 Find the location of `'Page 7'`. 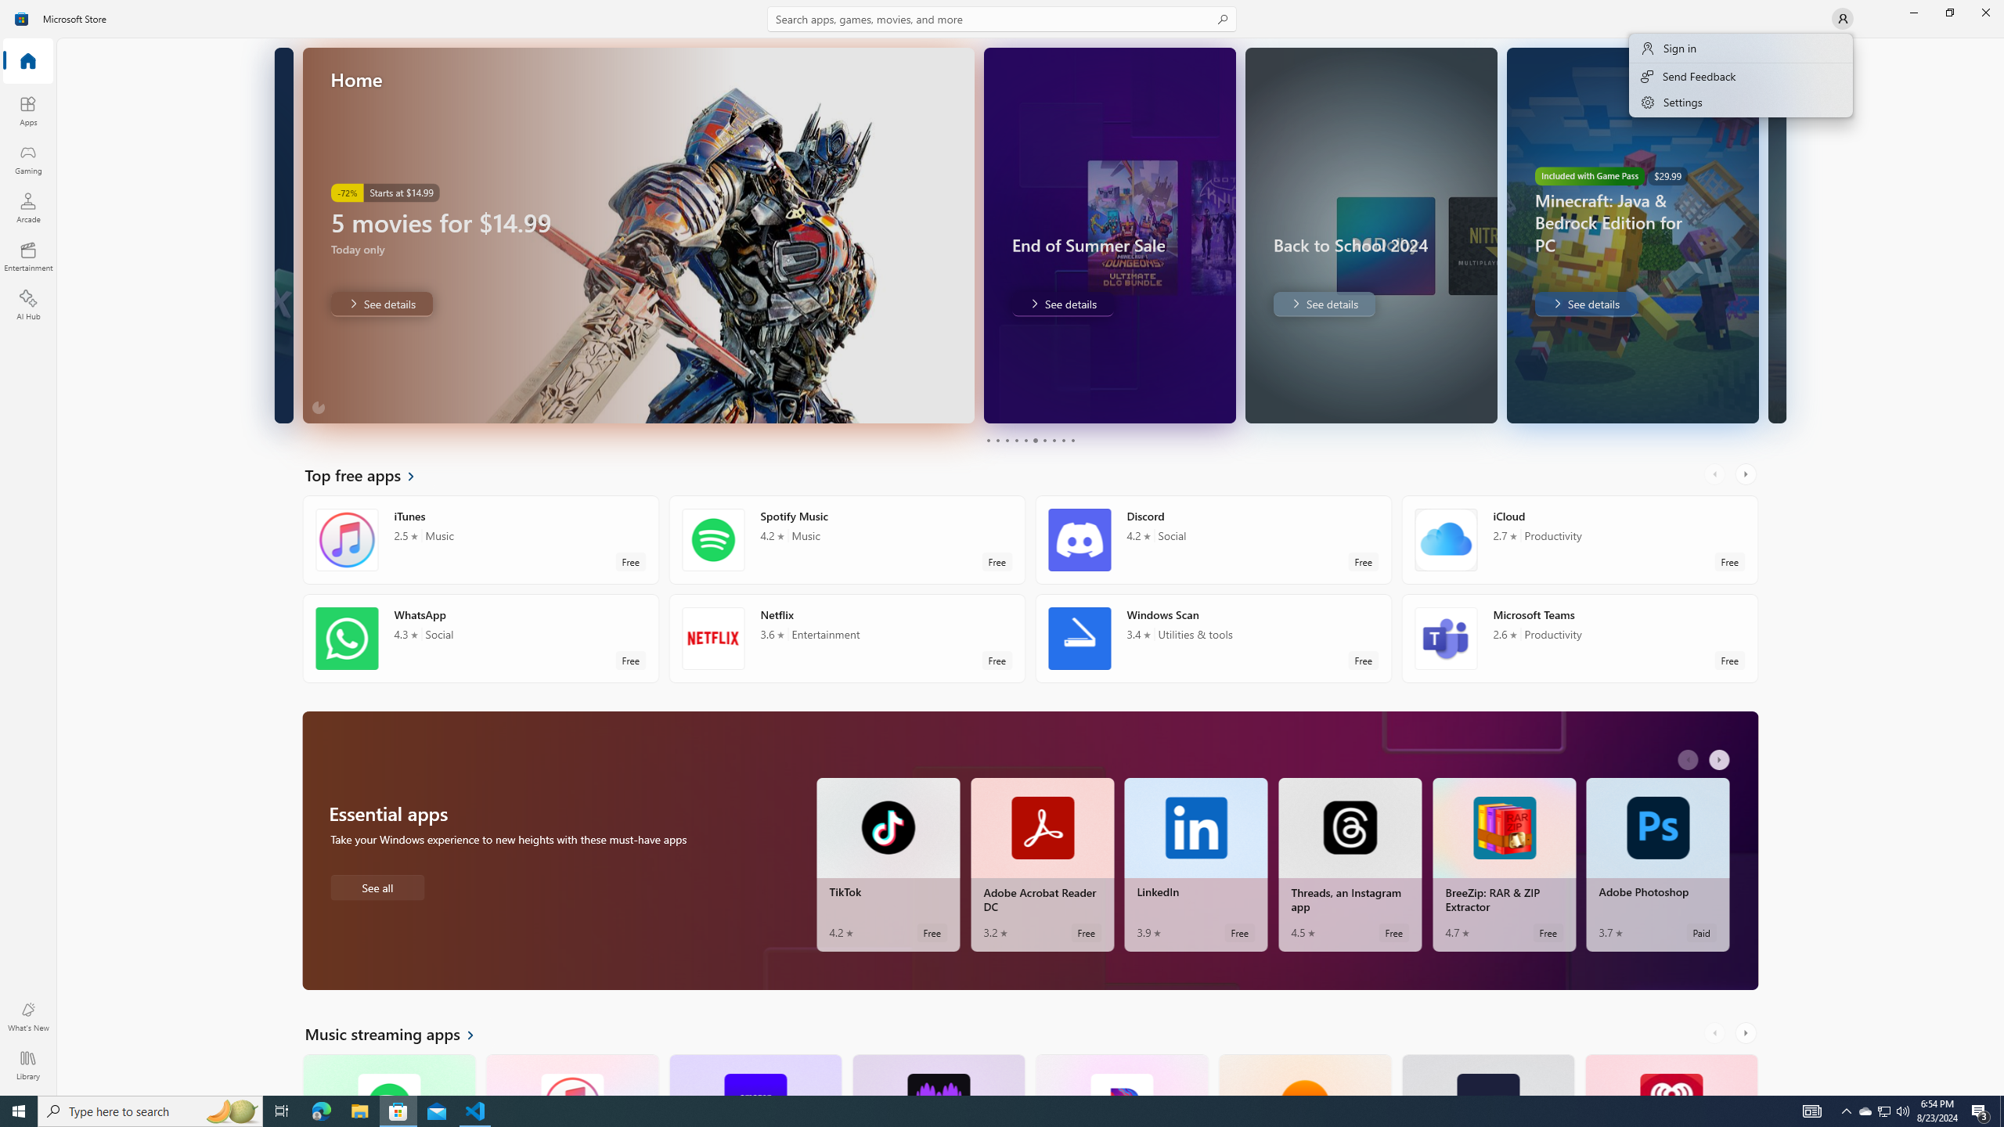

'Page 7' is located at coordinates (1043, 440).